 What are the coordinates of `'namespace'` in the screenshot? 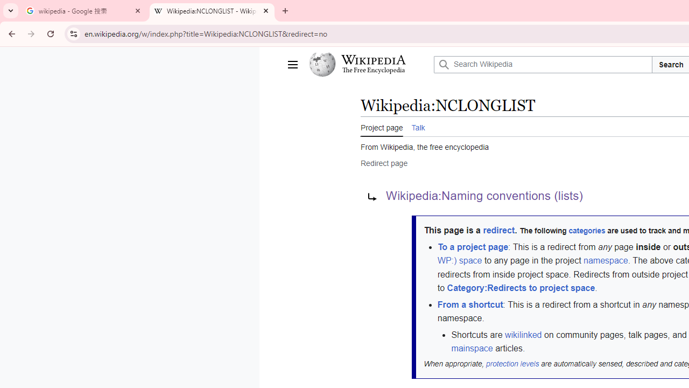 It's located at (606, 261).